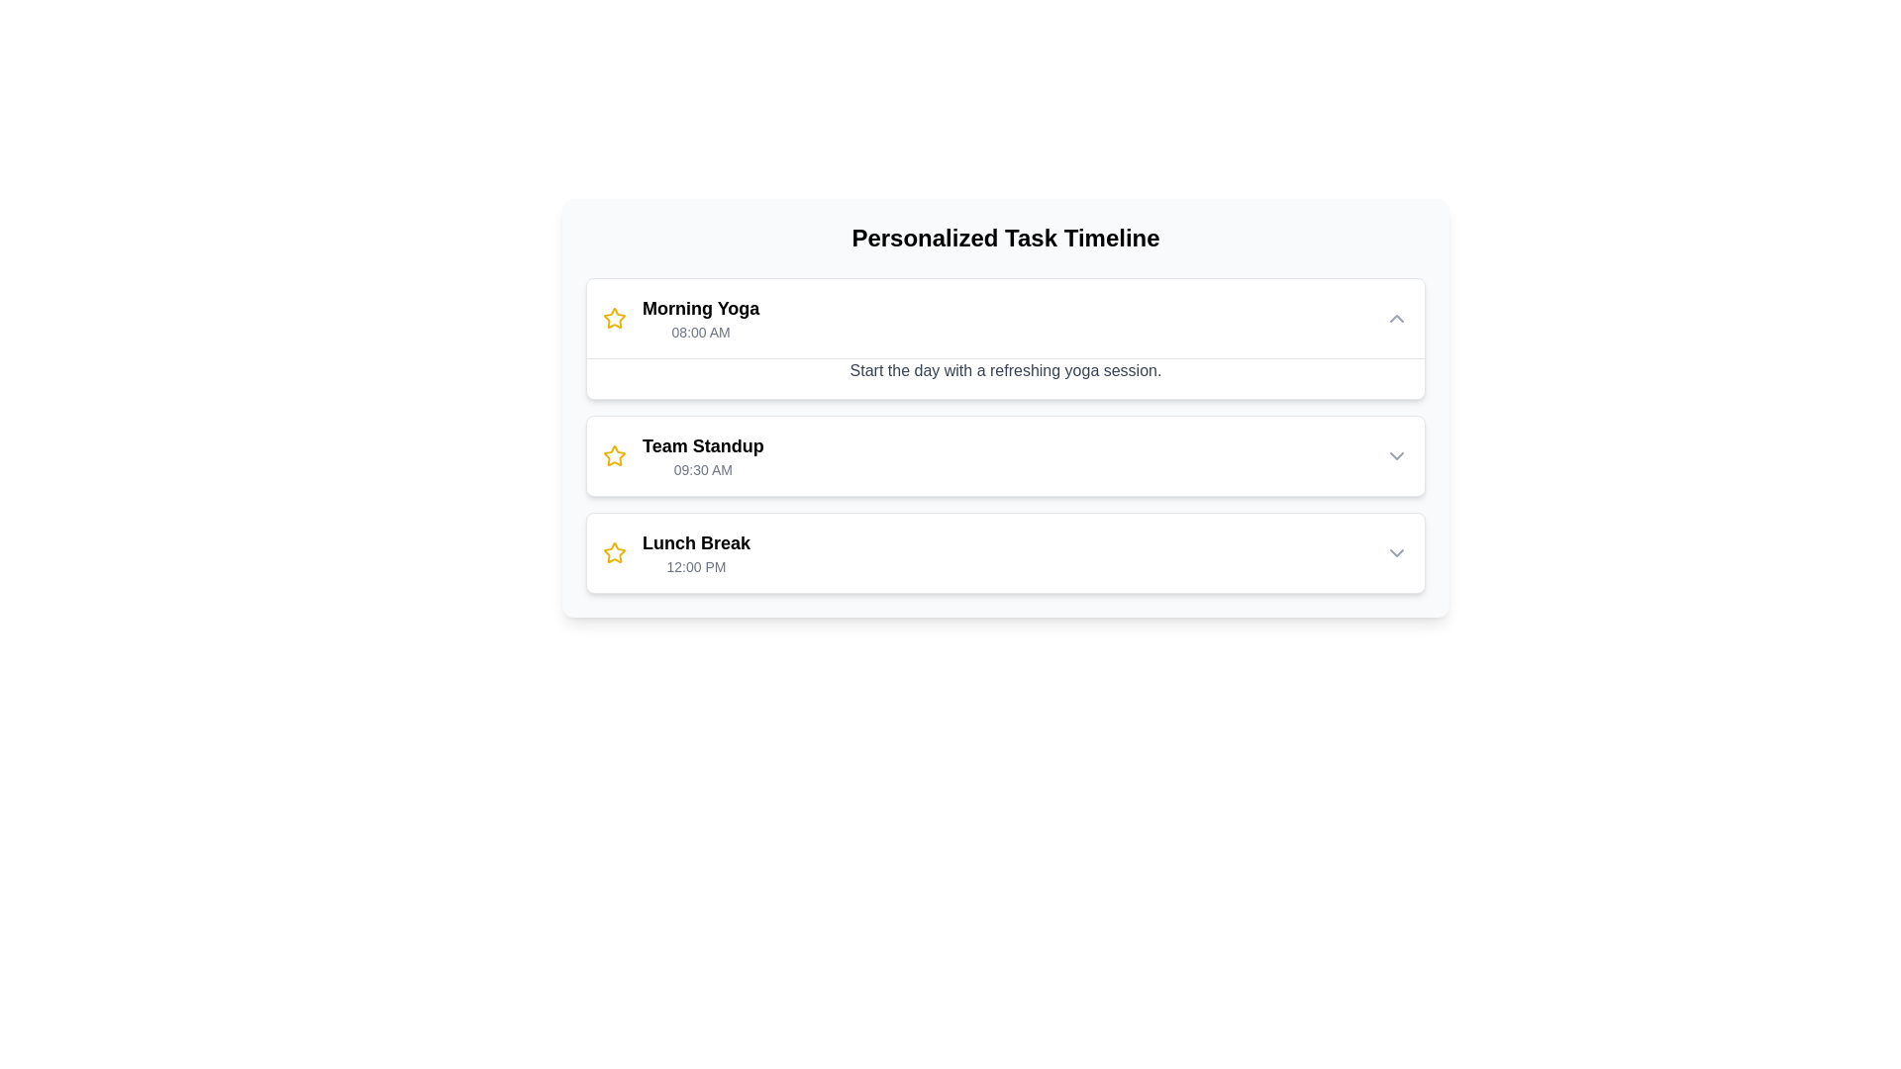  I want to click on descriptive text located in the middle section of the 'Morning Yoga' task box on the timeline interface, positioned below the task title and timestamp, so click(1006, 370).